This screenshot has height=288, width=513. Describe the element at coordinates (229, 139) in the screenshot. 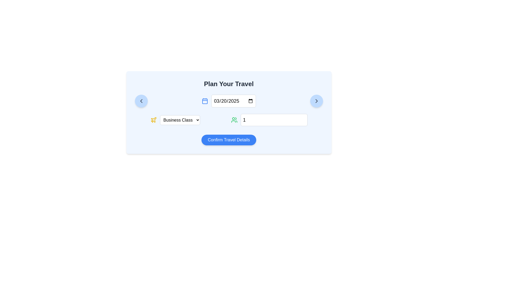

I see `the 'Confirm Travel Details' button, which has a blue background and white text, located at the bottom of the 'Plan Your Travel' section` at that location.